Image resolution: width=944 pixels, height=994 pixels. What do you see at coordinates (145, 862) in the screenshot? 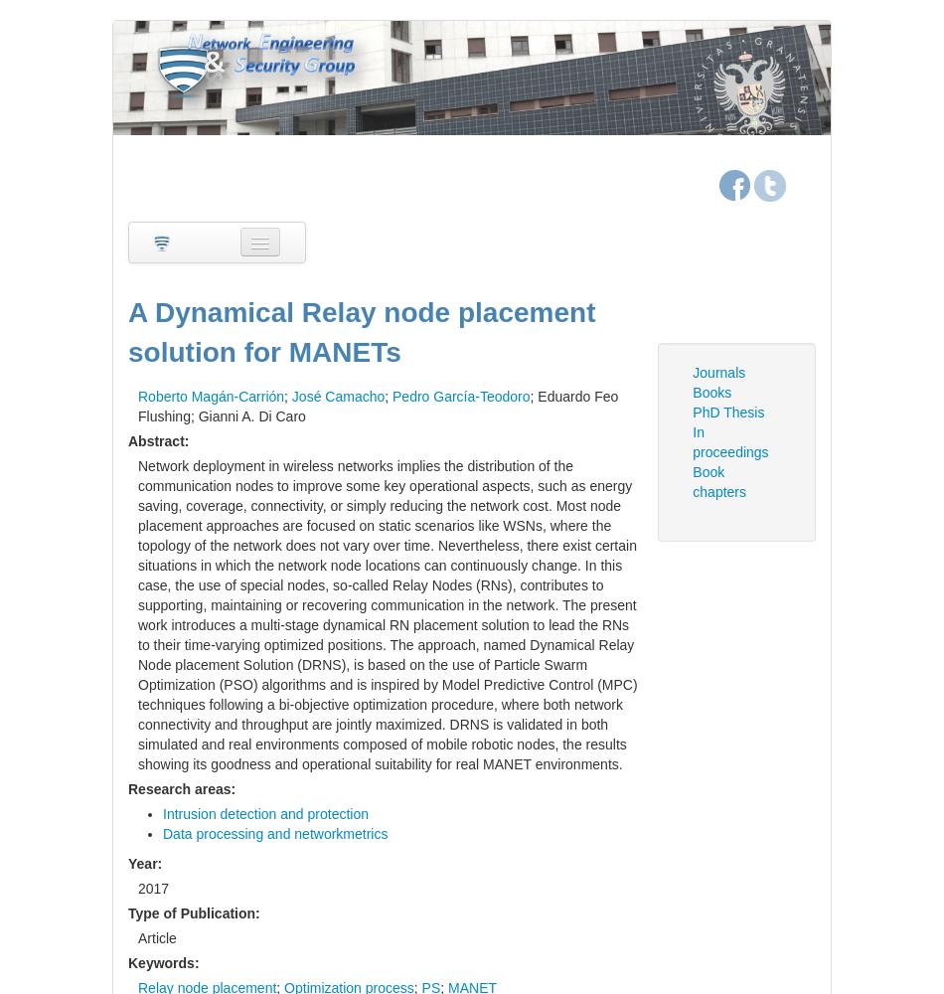
I see `'Year:'` at bounding box center [145, 862].